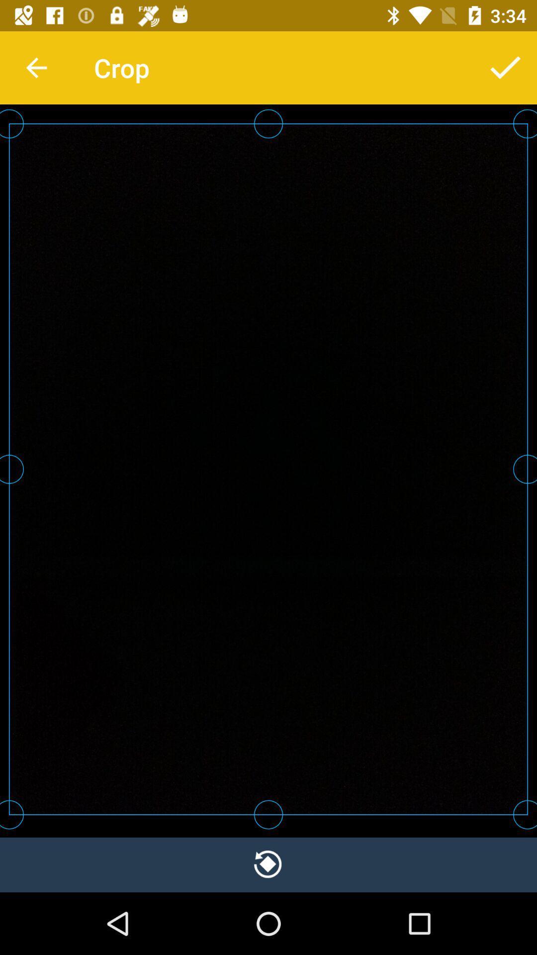  What do you see at coordinates (36, 67) in the screenshot?
I see `the item to the left of the crop` at bounding box center [36, 67].